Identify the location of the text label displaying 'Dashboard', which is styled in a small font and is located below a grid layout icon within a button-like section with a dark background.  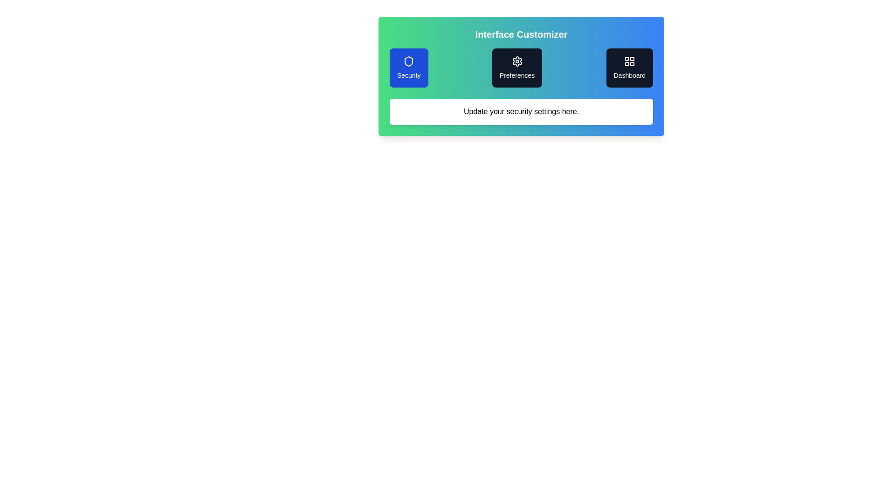
(629, 75).